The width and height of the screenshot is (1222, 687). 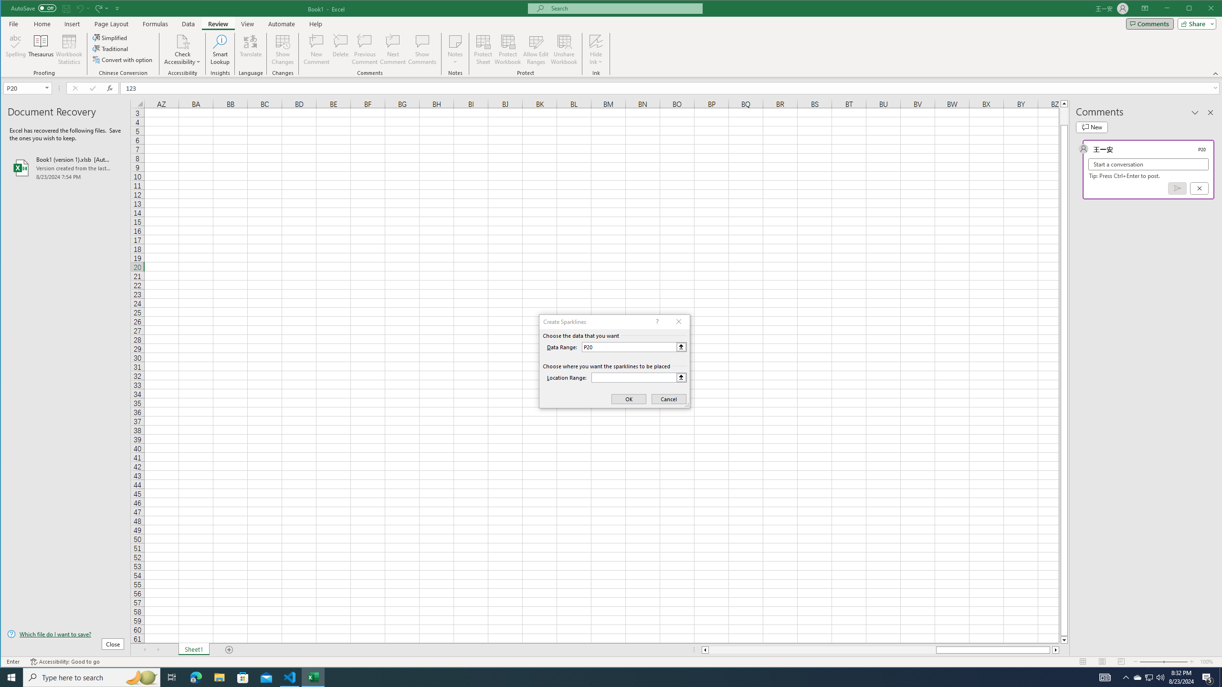 I want to click on 'File Tab', so click(x=13, y=23).